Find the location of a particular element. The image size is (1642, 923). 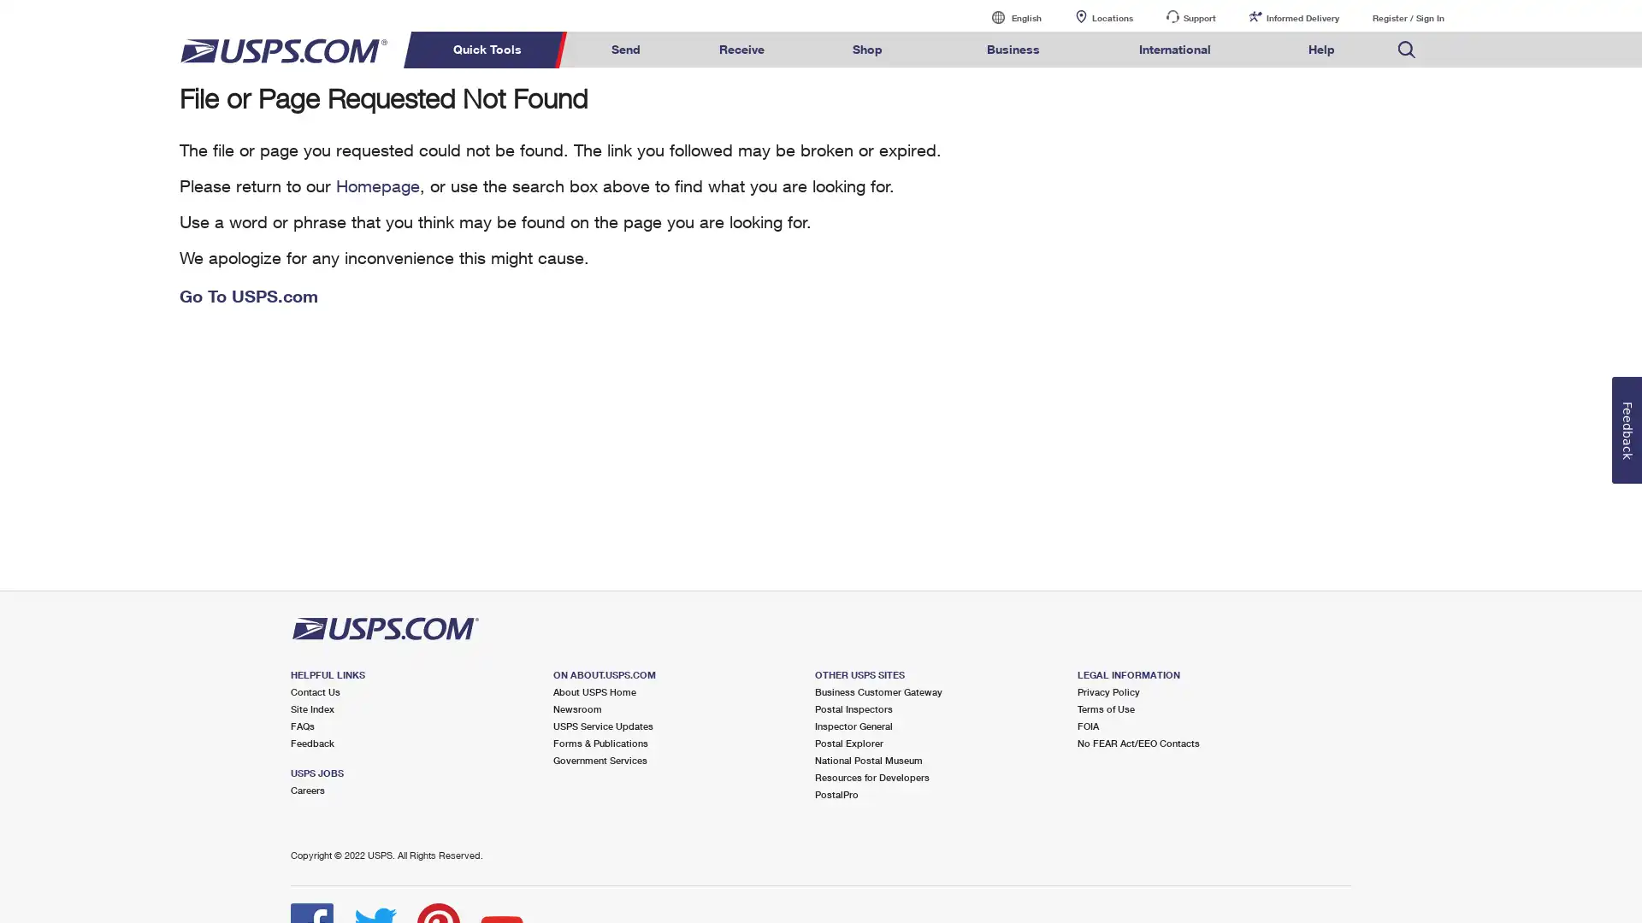

Search is located at coordinates (1415, 81).